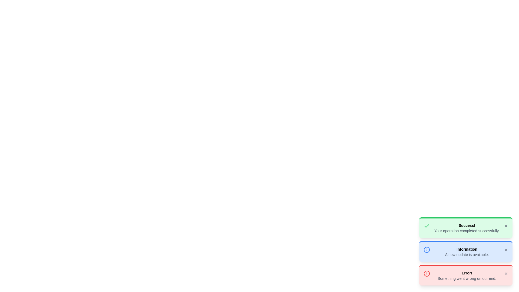 Image resolution: width=519 pixels, height=292 pixels. I want to click on the 'X' icon in the top-right corner of the red notification box labeled 'Error! Something went wrong on our end' to change its color, so click(506, 273).